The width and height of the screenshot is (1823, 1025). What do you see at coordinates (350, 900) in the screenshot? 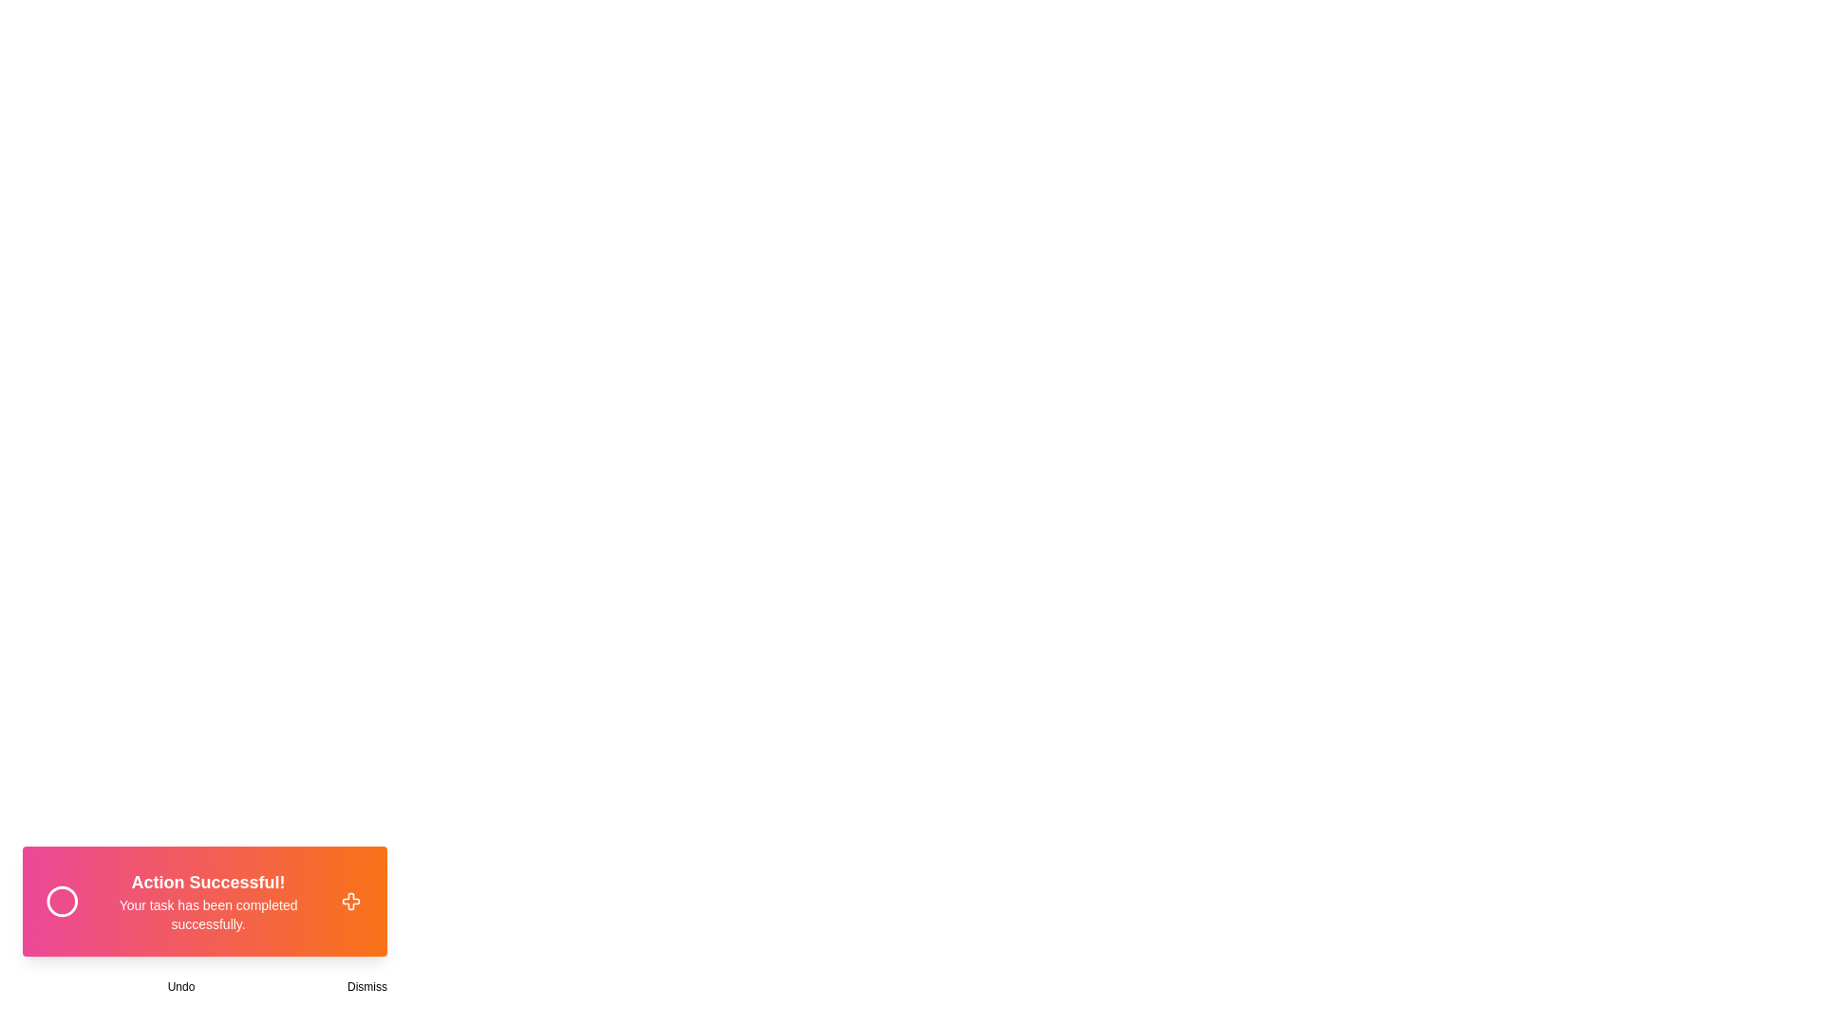
I see `close button to hide the snackbar` at bounding box center [350, 900].